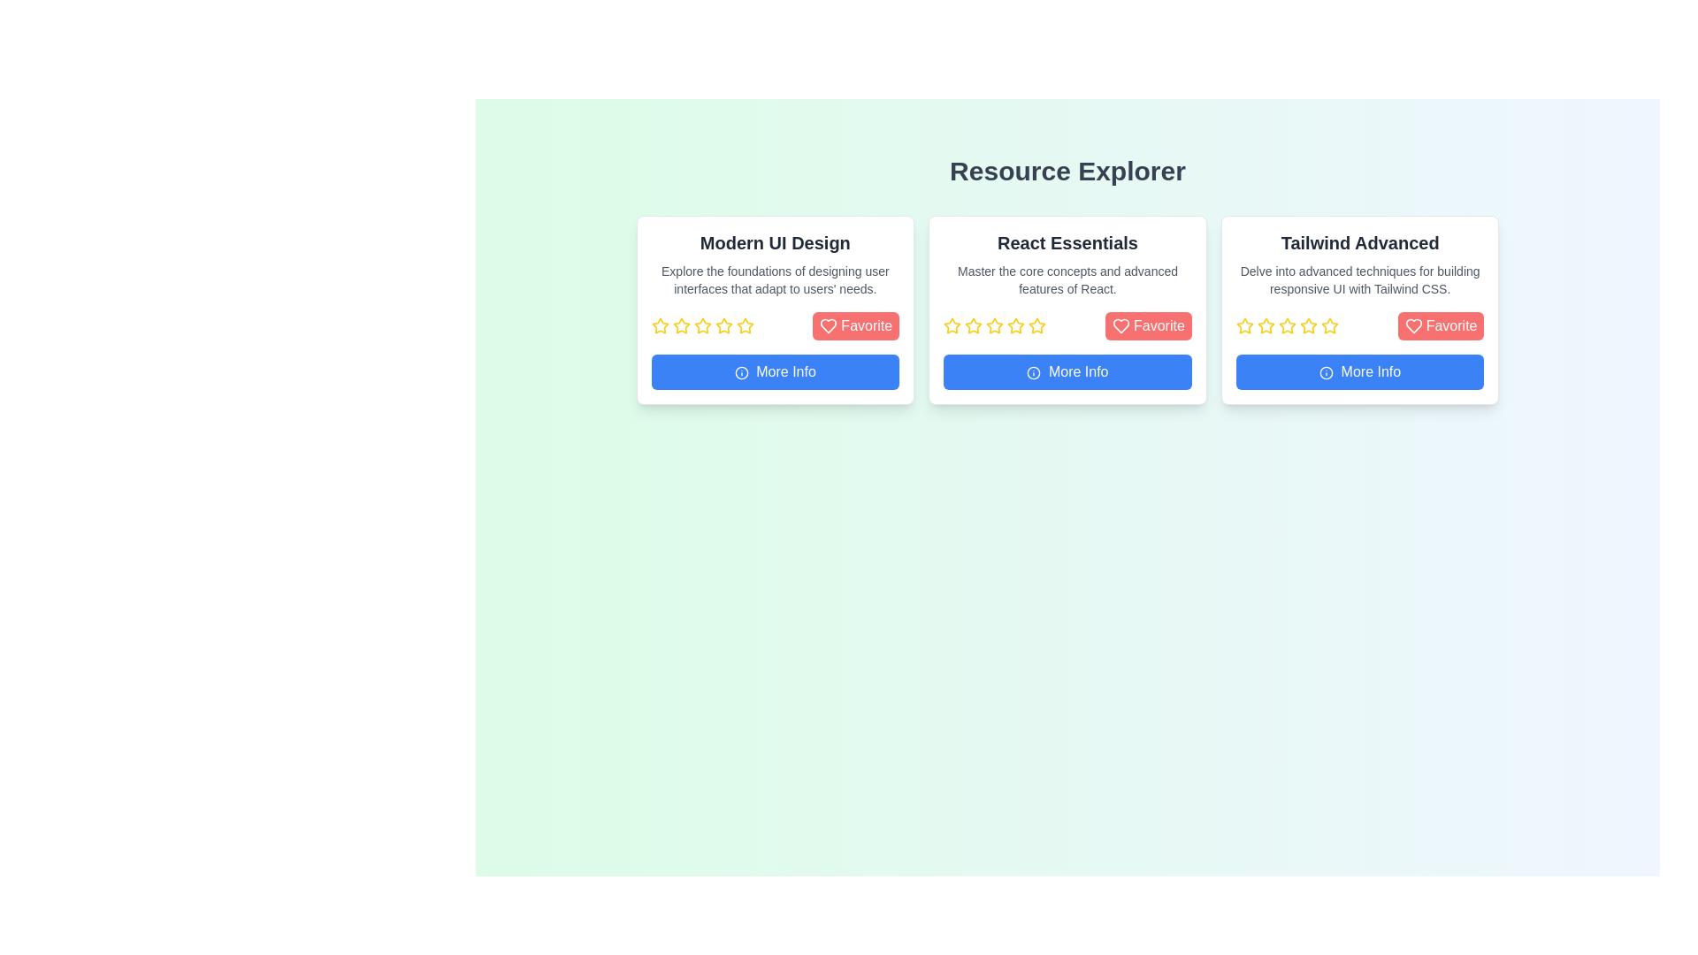  What do you see at coordinates (997, 326) in the screenshot?
I see `the highlighted golden five-pointed star icon, which is the third star in a row of five stars within the rating section of the 'React Essentials' card` at bounding box center [997, 326].